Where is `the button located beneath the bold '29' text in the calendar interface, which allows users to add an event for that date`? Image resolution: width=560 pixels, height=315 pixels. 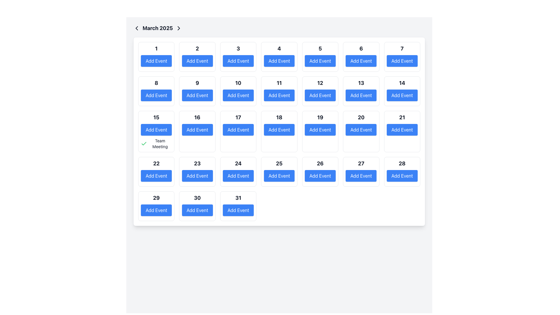 the button located beneath the bold '29' text in the calendar interface, which allows users to add an event for that date is located at coordinates (156, 210).